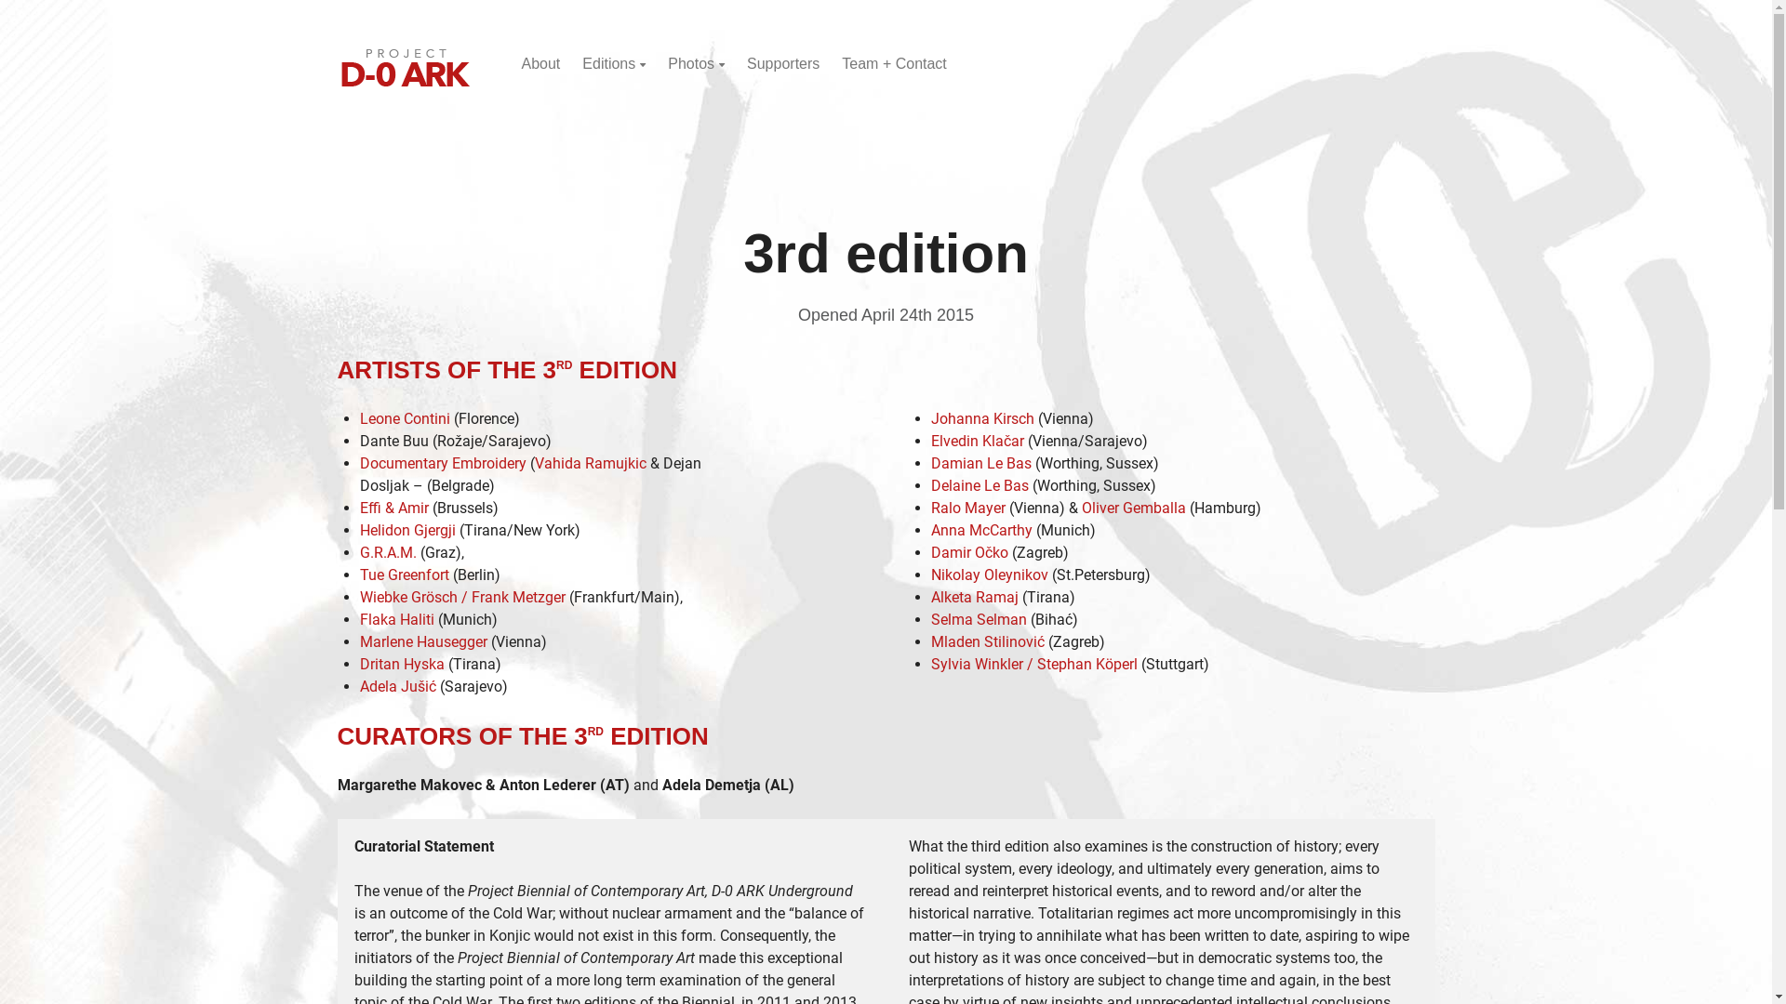 This screenshot has width=1786, height=1004. Describe the element at coordinates (406, 530) in the screenshot. I see `'Helidon Gjergji'` at that location.